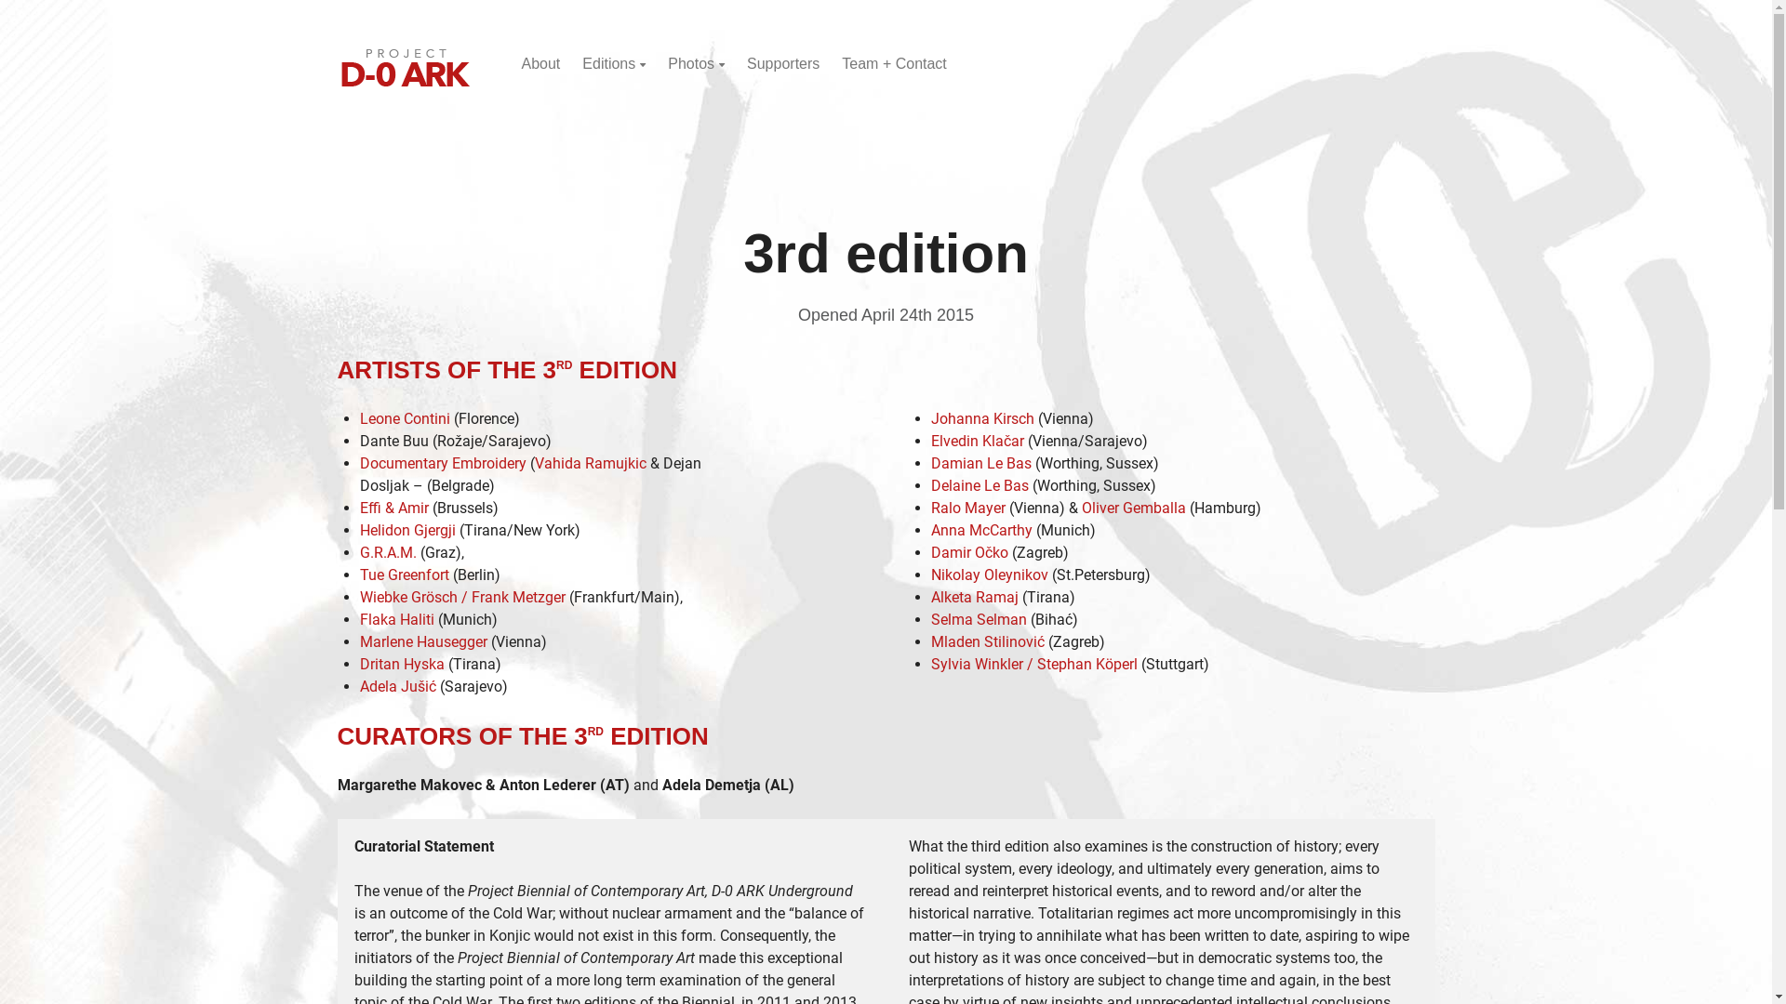 This screenshot has width=1786, height=1004. Describe the element at coordinates (406, 530) in the screenshot. I see `'Helidon Gjergji'` at that location.